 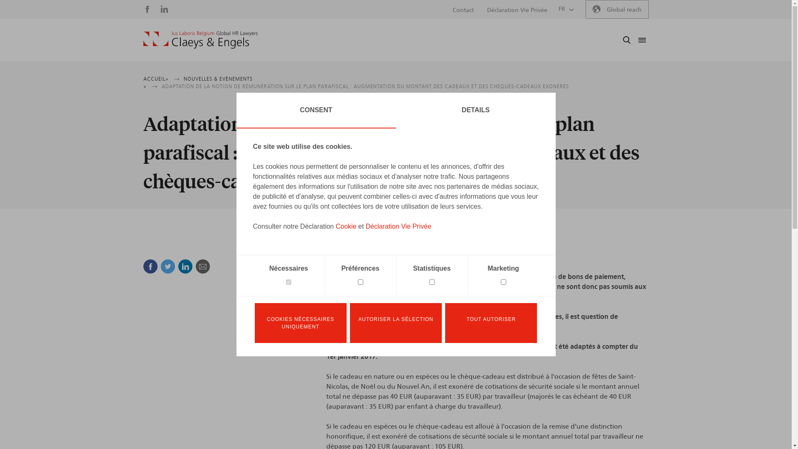 I want to click on 'Global reach', so click(x=616, y=9).